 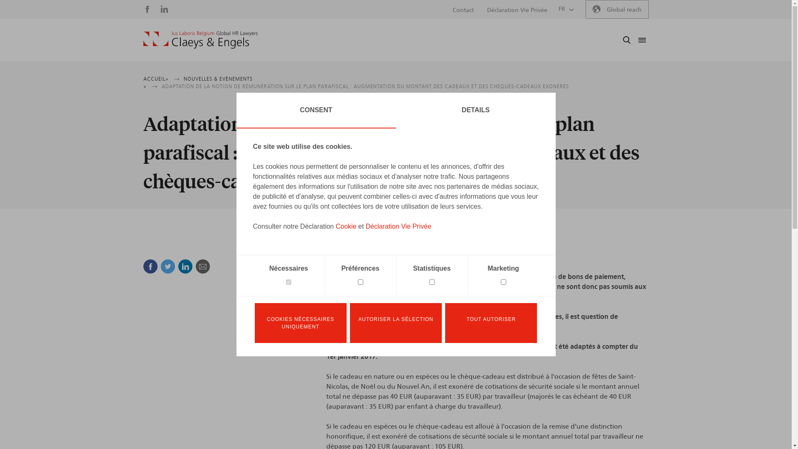 I want to click on 'Global reach', so click(x=616, y=9).